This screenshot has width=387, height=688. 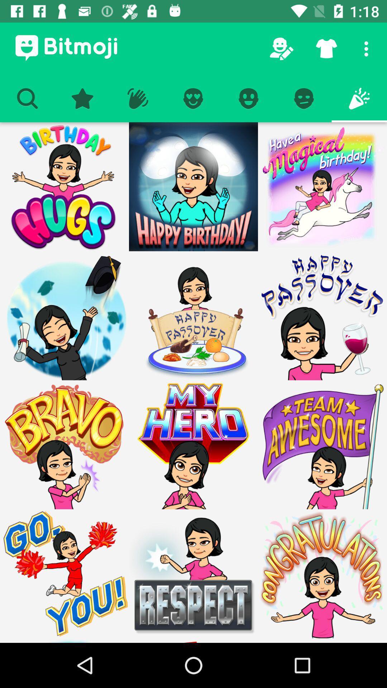 What do you see at coordinates (193, 444) in the screenshot?
I see `image` at bounding box center [193, 444].